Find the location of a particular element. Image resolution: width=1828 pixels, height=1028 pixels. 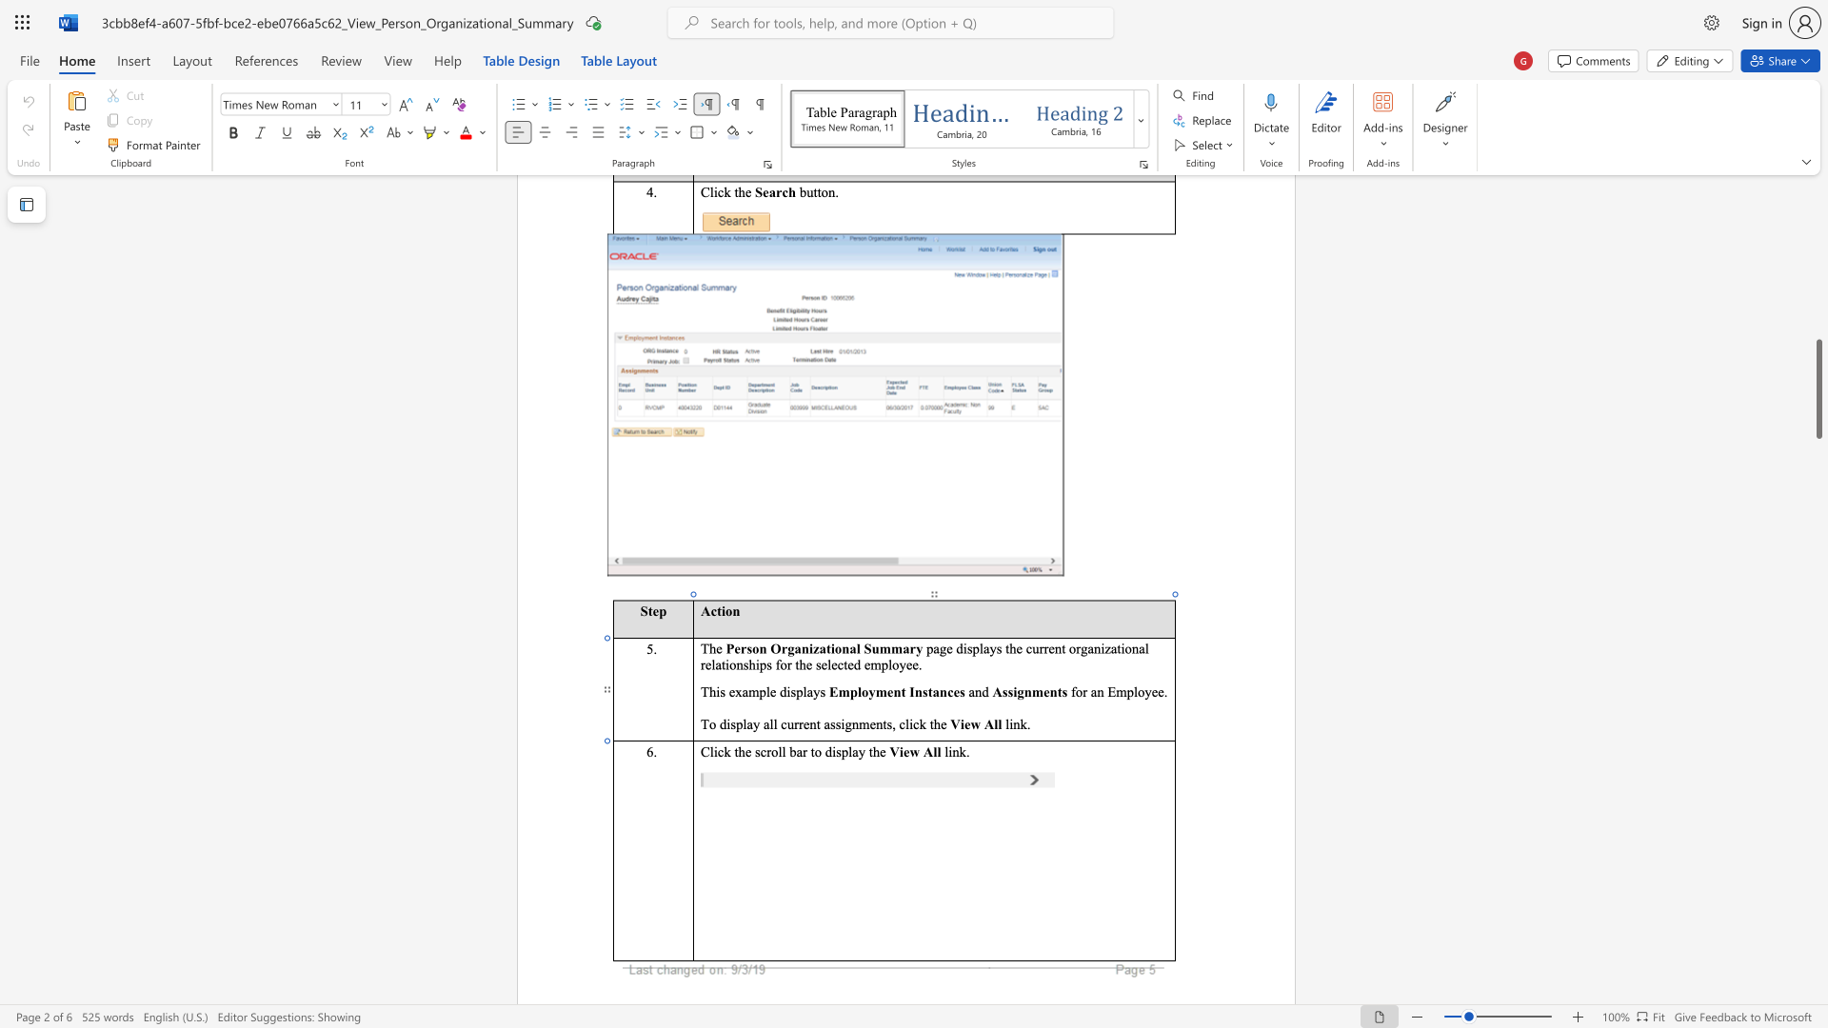

the 1th character "l" in the text is located at coordinates (1136, 692).